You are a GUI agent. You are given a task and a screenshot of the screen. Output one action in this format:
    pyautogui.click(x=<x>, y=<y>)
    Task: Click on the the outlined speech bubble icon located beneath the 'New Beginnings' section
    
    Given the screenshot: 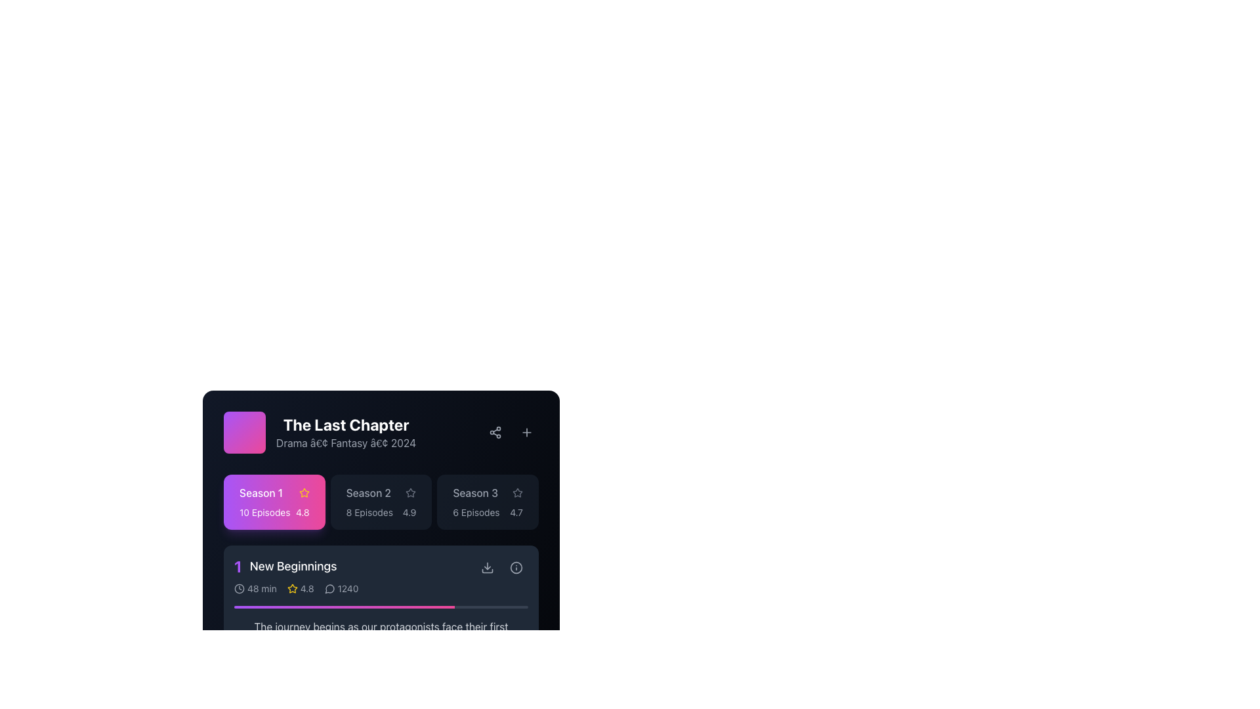 What is the action you would take?
    pyautogui.click(x=329, y=588)
    